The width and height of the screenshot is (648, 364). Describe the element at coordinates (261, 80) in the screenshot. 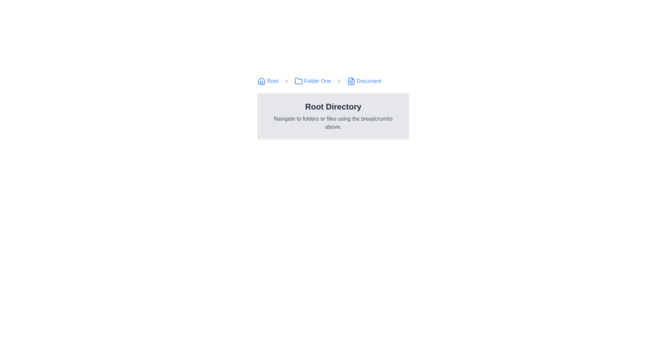

I see `the house icon in the breadcrumb navigation bar, which is a minimalistic line-drawing representation of a house, located to the left of the 'Root' text link` at that location.